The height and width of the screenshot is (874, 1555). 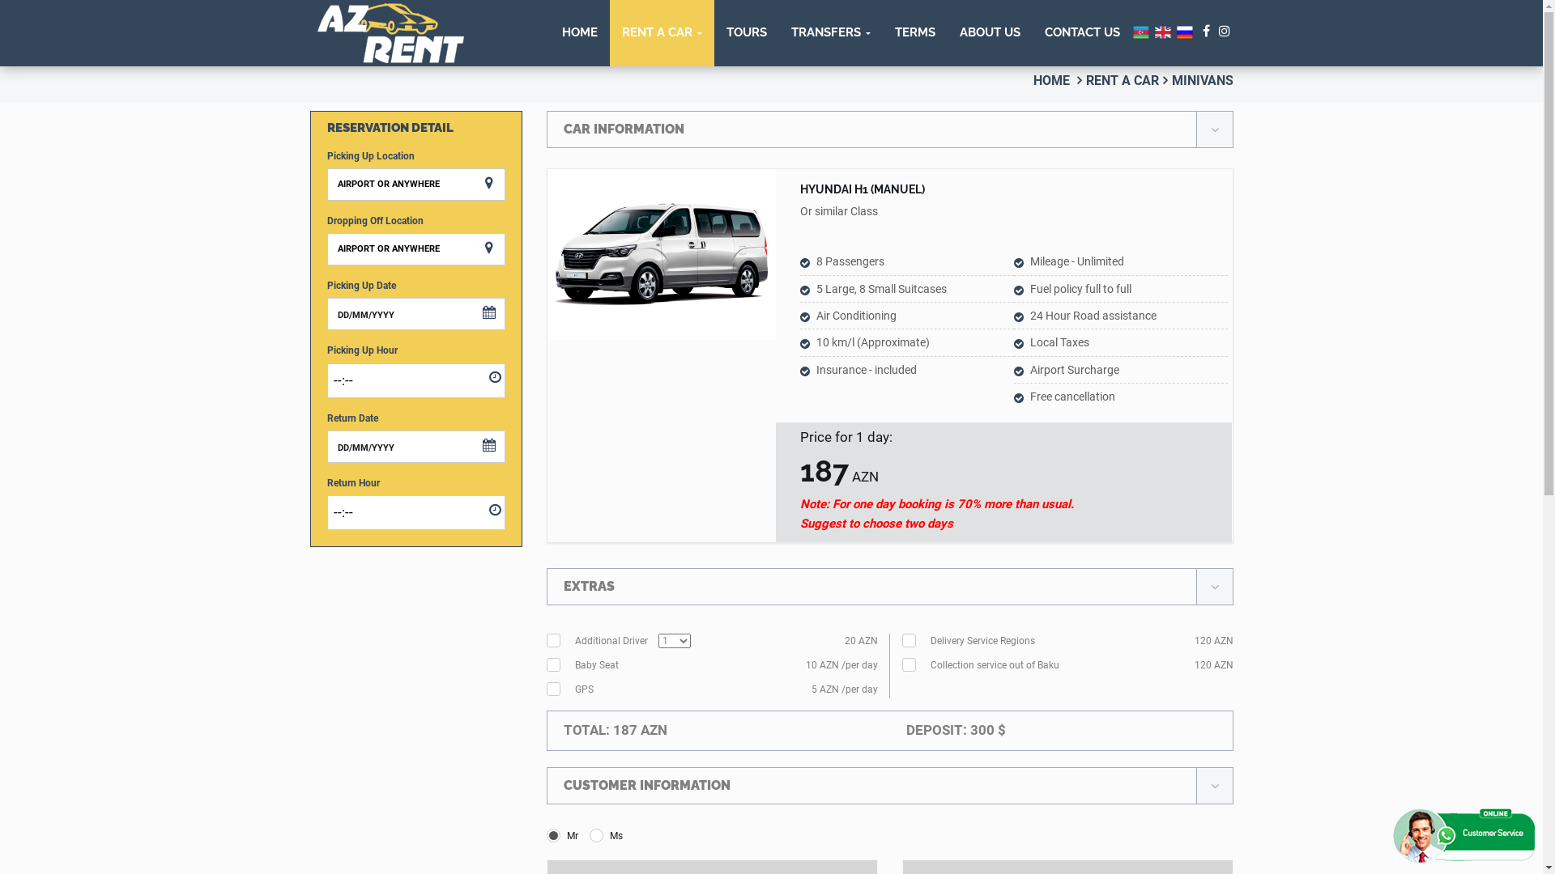 What do you see at coordinates (1081, 33) in the screenshot?
I see `'CONTACT US'` at bounding box center [1081, 33].